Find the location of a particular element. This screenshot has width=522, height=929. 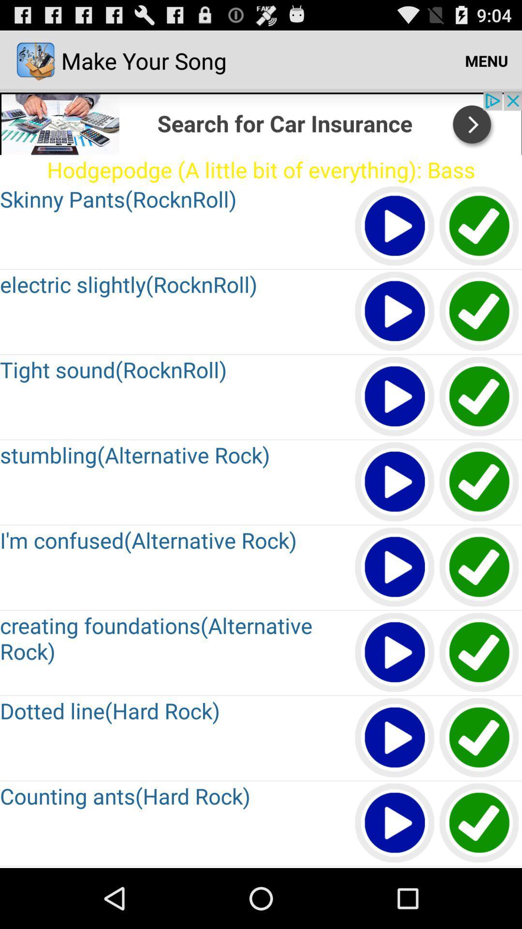

click on play option is located at coordinates (395, 823).